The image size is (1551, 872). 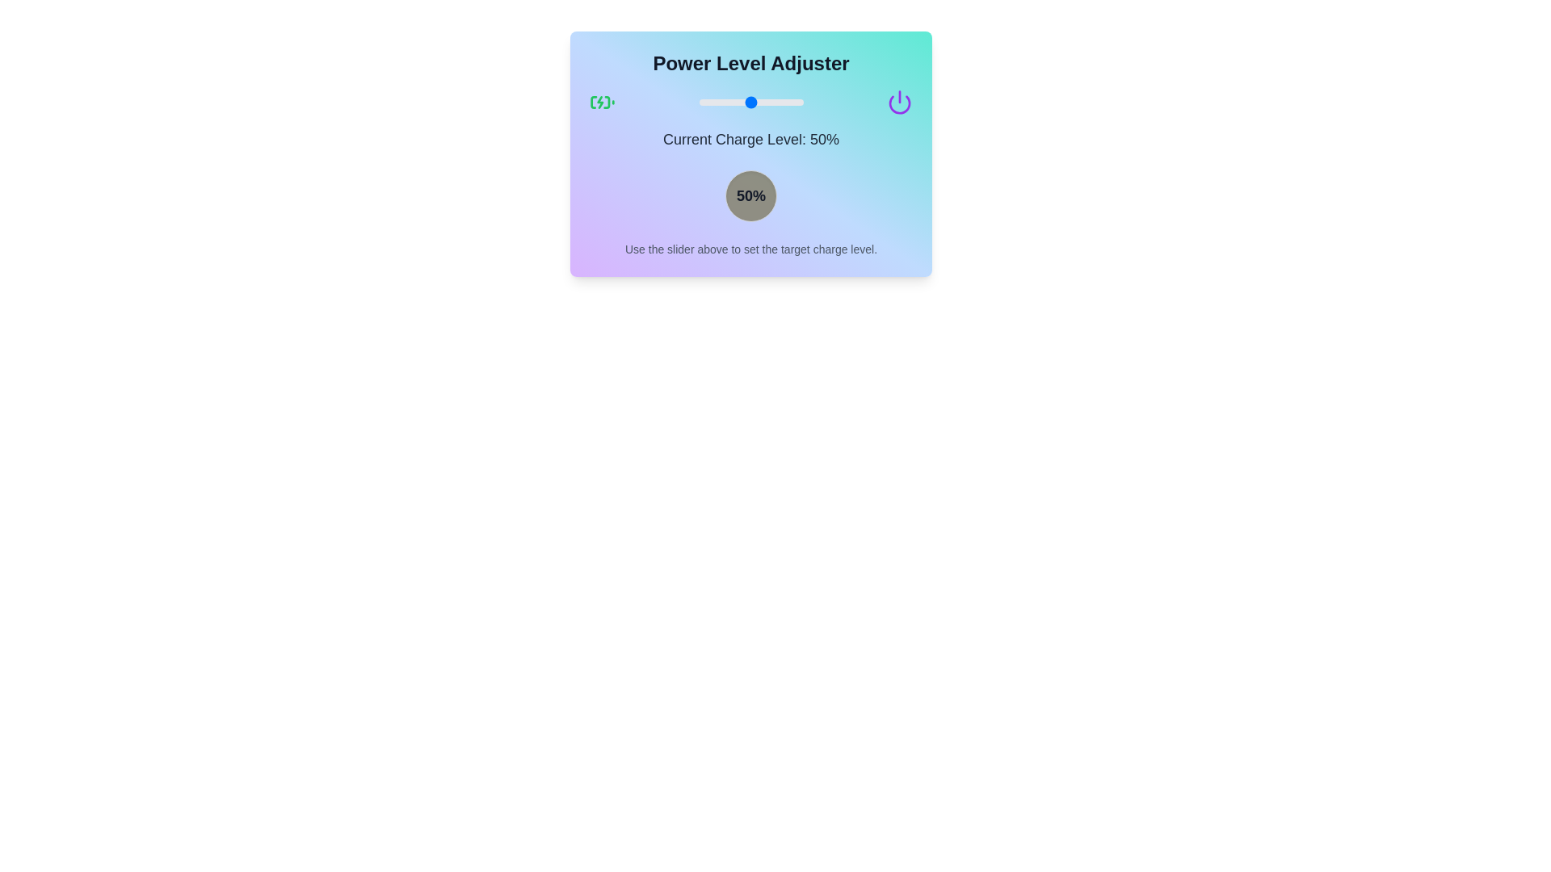 I want to click on the power level, so click(x=758, y=103).